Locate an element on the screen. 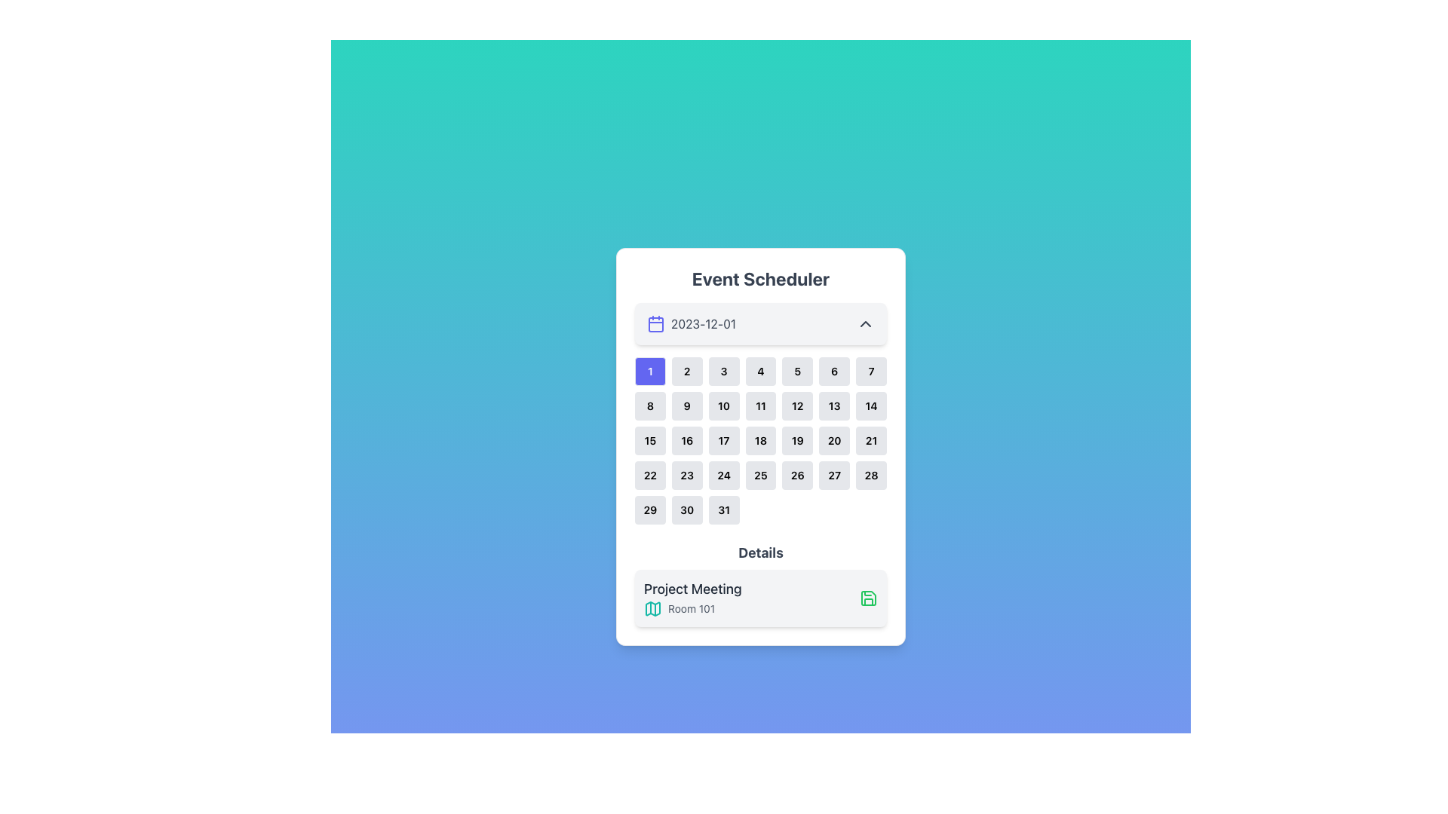  the small rectangular button displaying the number '7' in bold black text is located at coordinates (871, 372).